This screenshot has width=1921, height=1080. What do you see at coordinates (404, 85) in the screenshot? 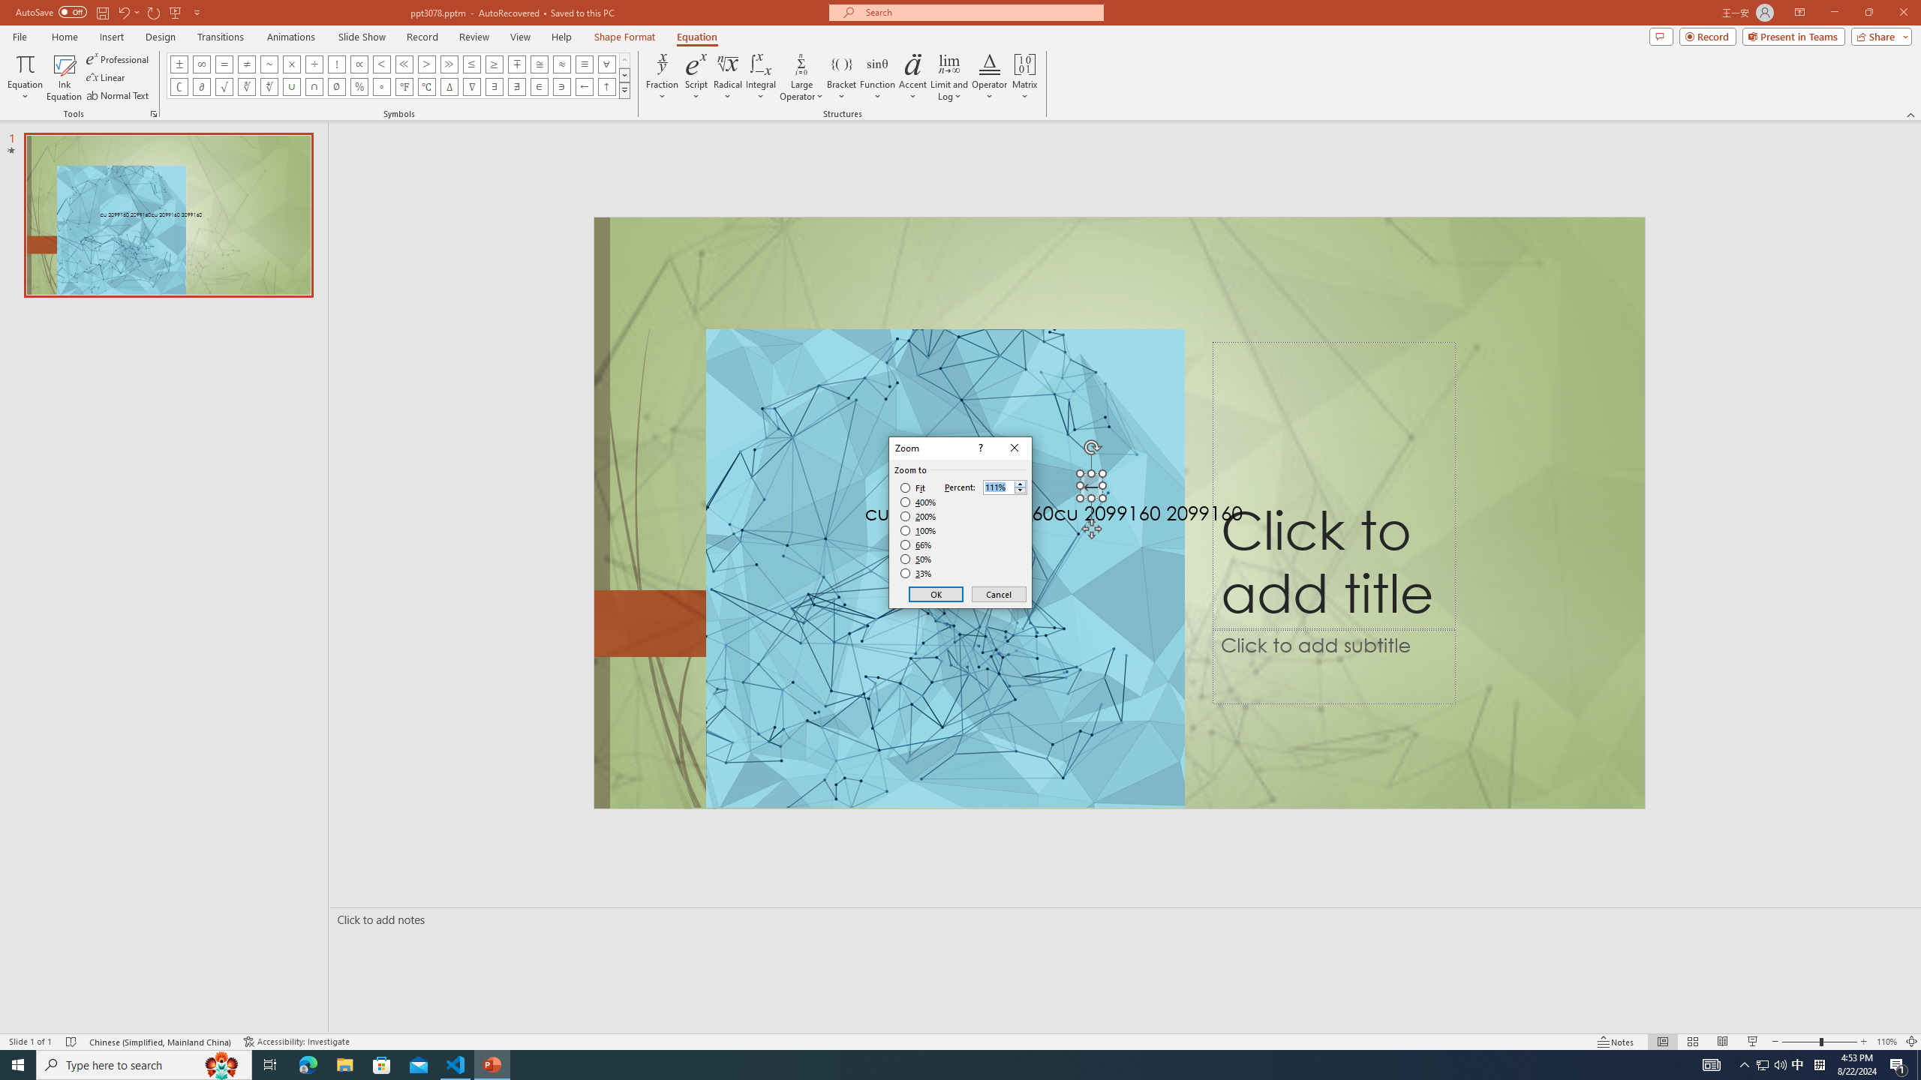
I see `'Equation Symbol Degrees Fahrenheit'` at bounding box center [404, 85].